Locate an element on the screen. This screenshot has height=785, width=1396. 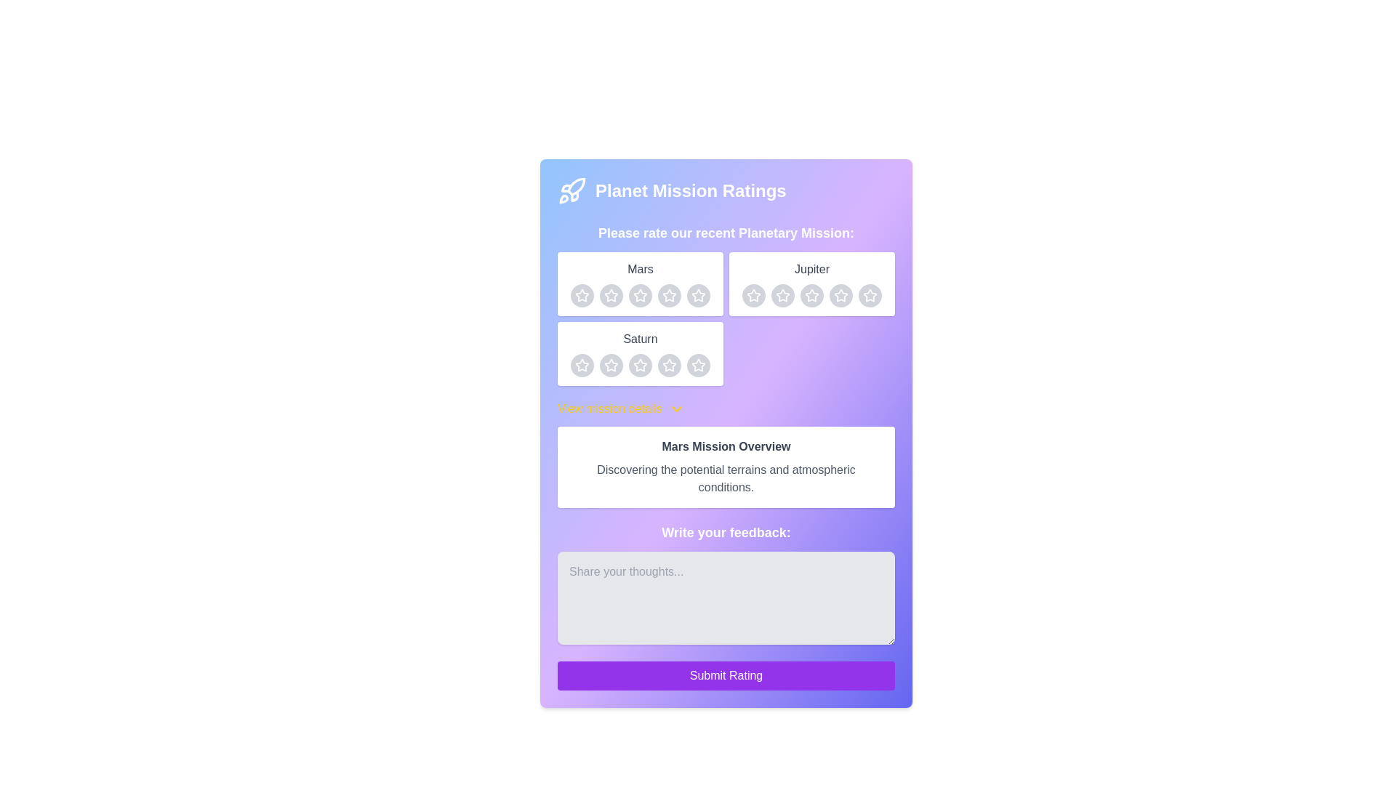
the first circular rating button with a light gray background and a white star icon is located at coordinates (582, 295).